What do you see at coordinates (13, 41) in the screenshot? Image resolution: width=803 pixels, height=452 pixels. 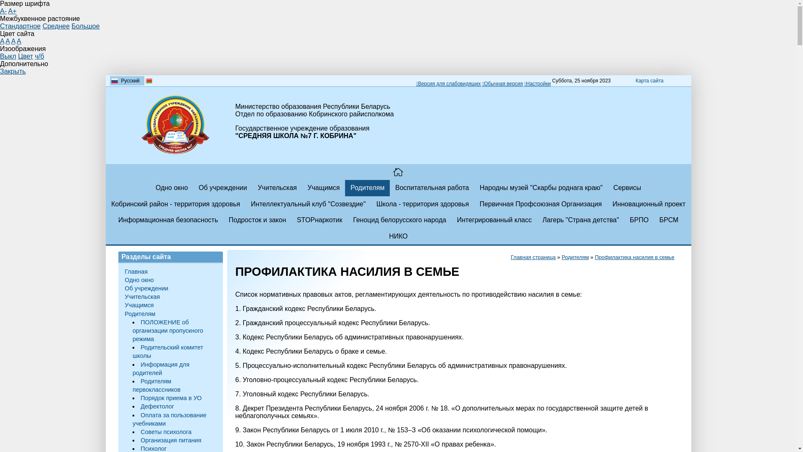 I see `'A'` at bounding box center [13, 41].